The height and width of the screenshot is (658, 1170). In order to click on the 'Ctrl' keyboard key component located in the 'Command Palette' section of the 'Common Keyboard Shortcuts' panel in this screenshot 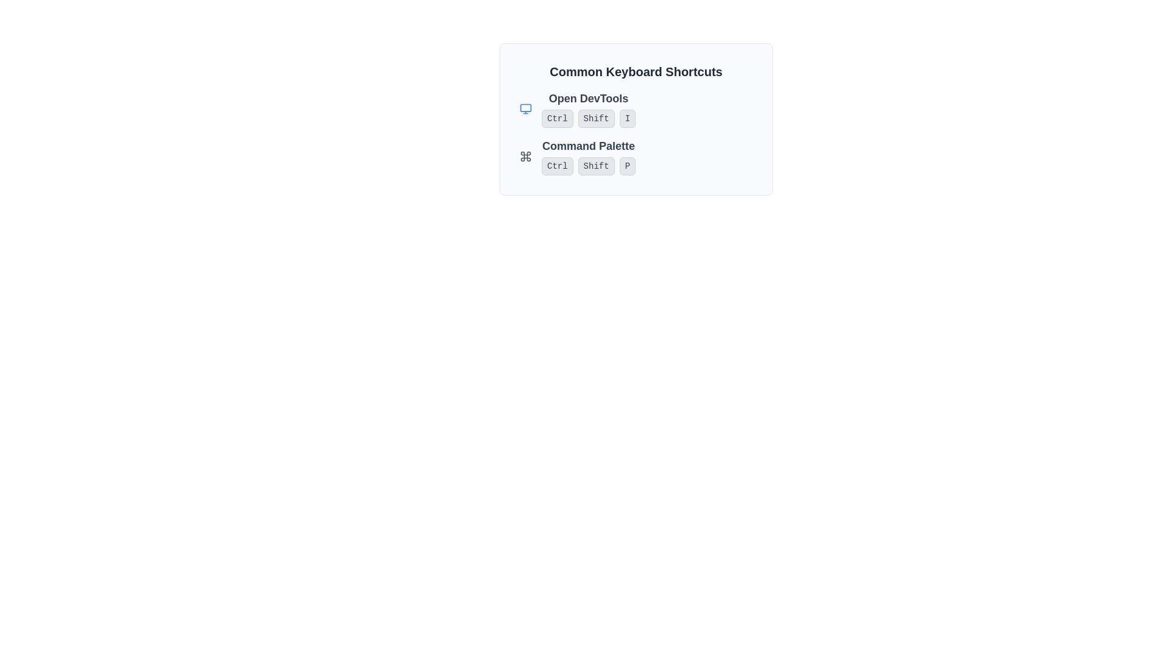, I will do `click(556, 166)`.